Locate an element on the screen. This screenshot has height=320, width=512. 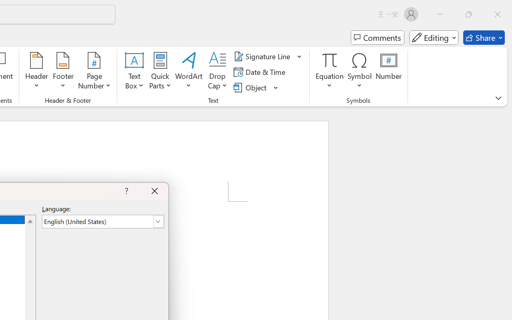
'Ribbon Display Options' is located at coordinates (498, 98).